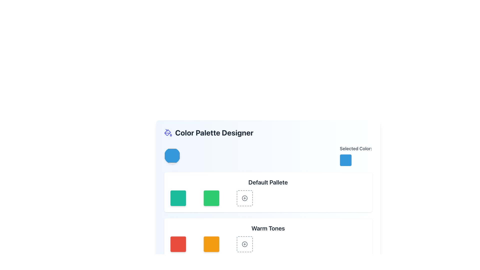 This screenshot has width=480, height=270. I want to click on the square interactive button with dashed borders and a centered '+' icon, so click(245, 244).